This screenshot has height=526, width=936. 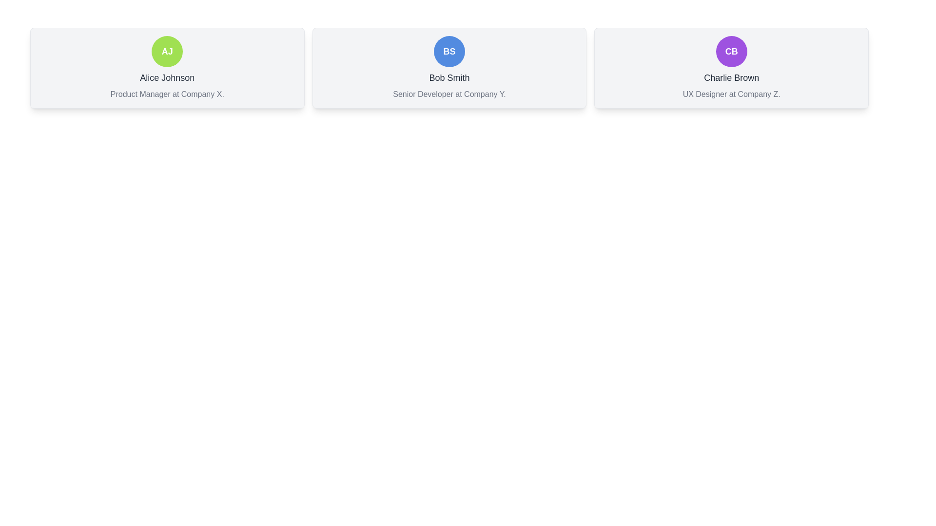 I want to click on the circular avatar with a purple background and white initials 'CB', which is positioned at the top of the card in the rightmost column, above the text 'Charlie Brown' and 'UX Designer at Company Z', so click(x=731, y=51).